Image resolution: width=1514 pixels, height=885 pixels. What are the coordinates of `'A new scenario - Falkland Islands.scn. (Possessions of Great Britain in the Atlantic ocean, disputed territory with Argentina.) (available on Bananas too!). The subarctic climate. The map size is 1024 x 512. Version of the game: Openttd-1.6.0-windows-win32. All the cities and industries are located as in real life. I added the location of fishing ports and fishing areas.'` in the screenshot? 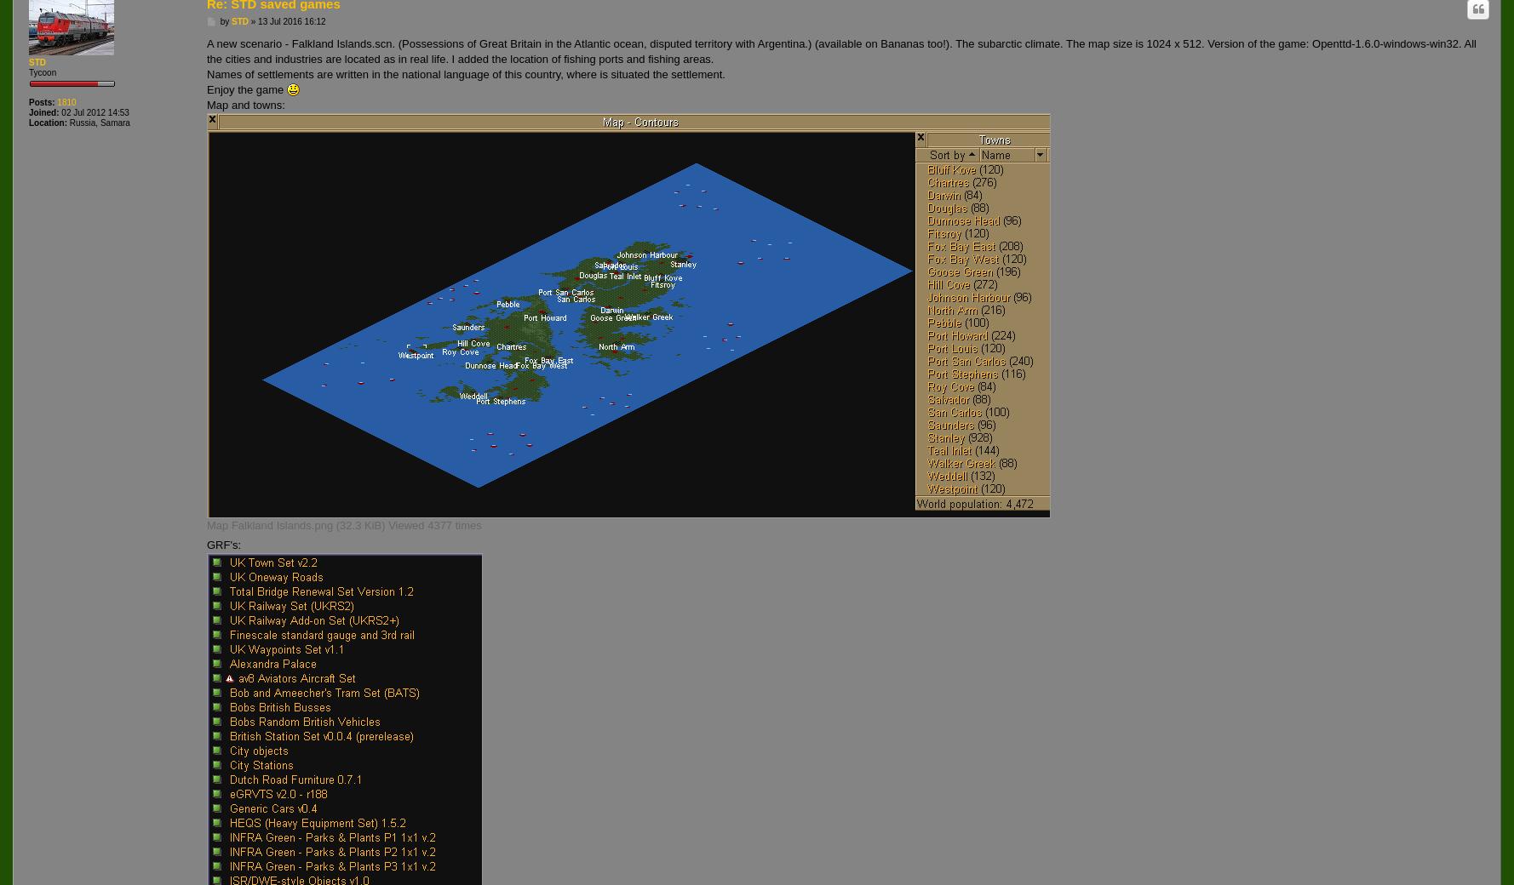 It's located at (840, 49).